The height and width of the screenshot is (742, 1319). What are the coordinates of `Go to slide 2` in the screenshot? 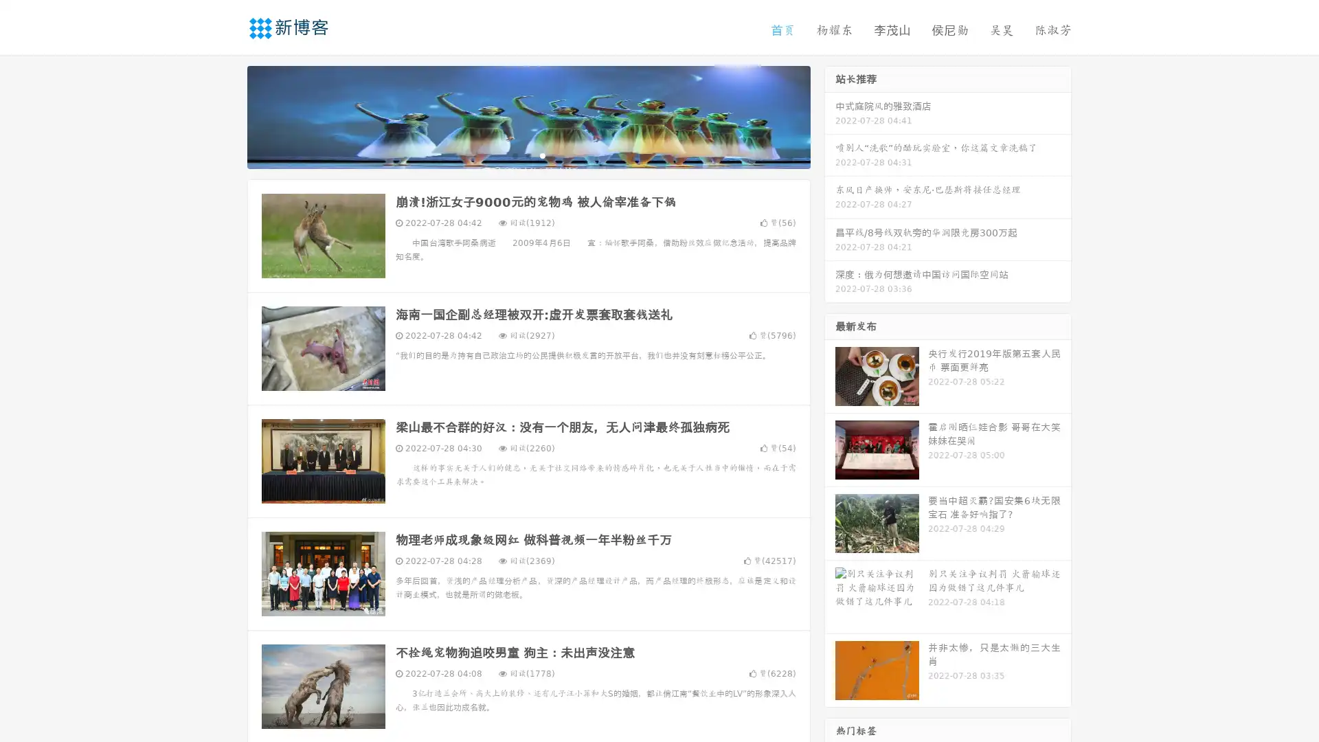 It's located at (528, 155).